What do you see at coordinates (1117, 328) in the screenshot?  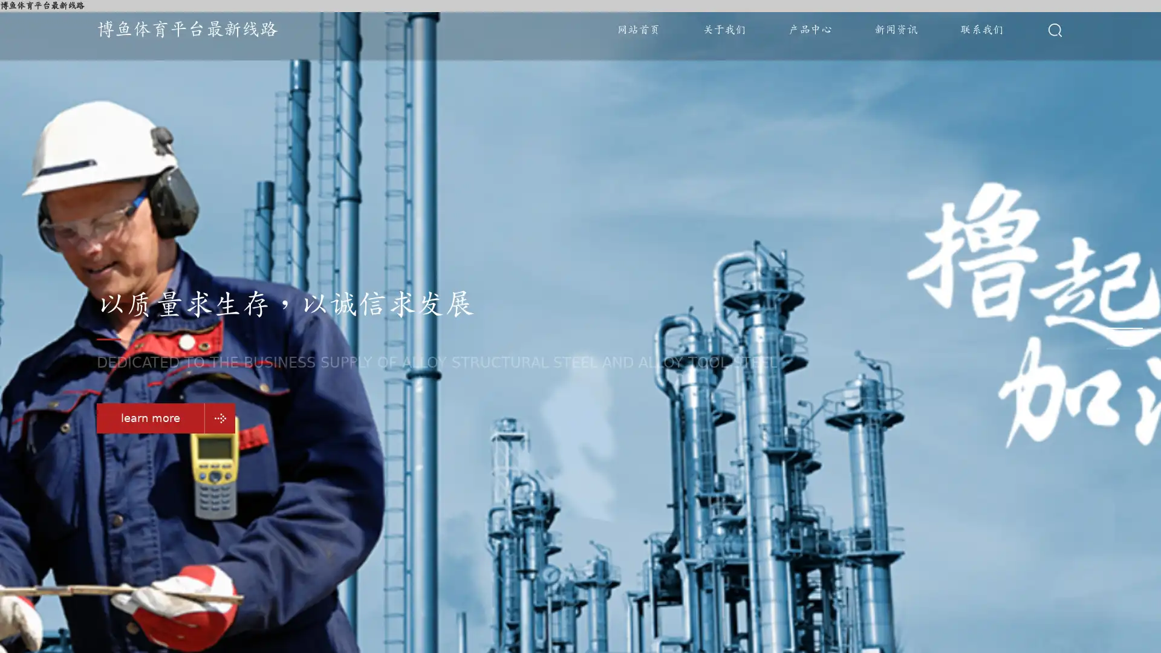 I see `Go to slide 1` at bounding box center [1117, 328].